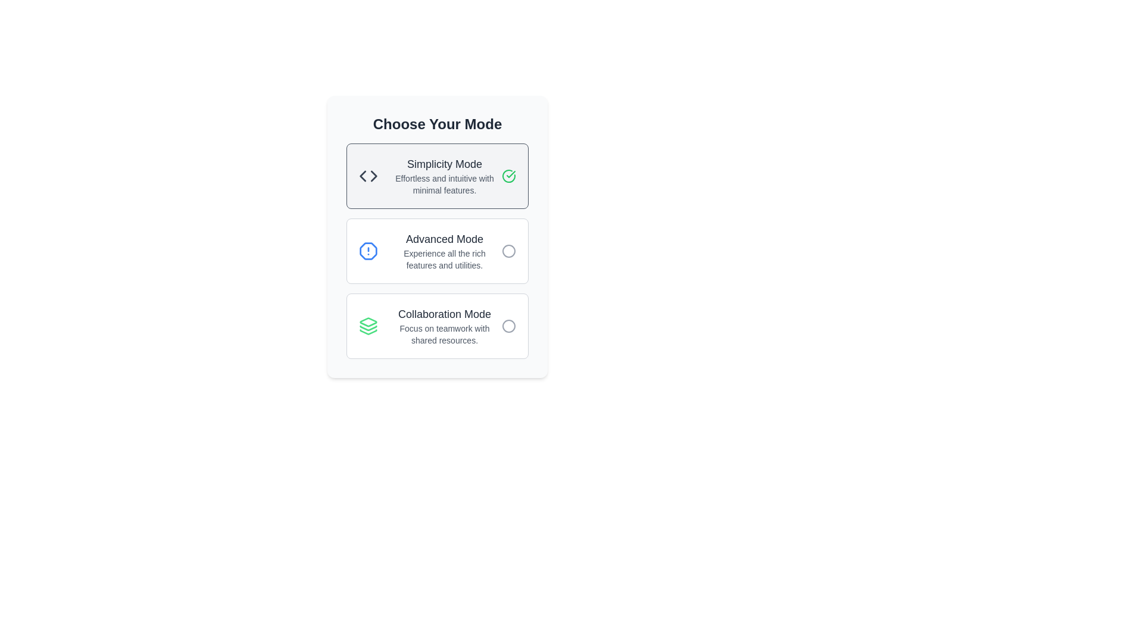 The image size is (1143, 643). What do you see at coordinates (368, 176) in the screenshot?
I see `the 'Simplicity Mode' icon, which is positioned to the left of the text 'Simplicity Mode' in the modes list` at bounding box center [368, 176].